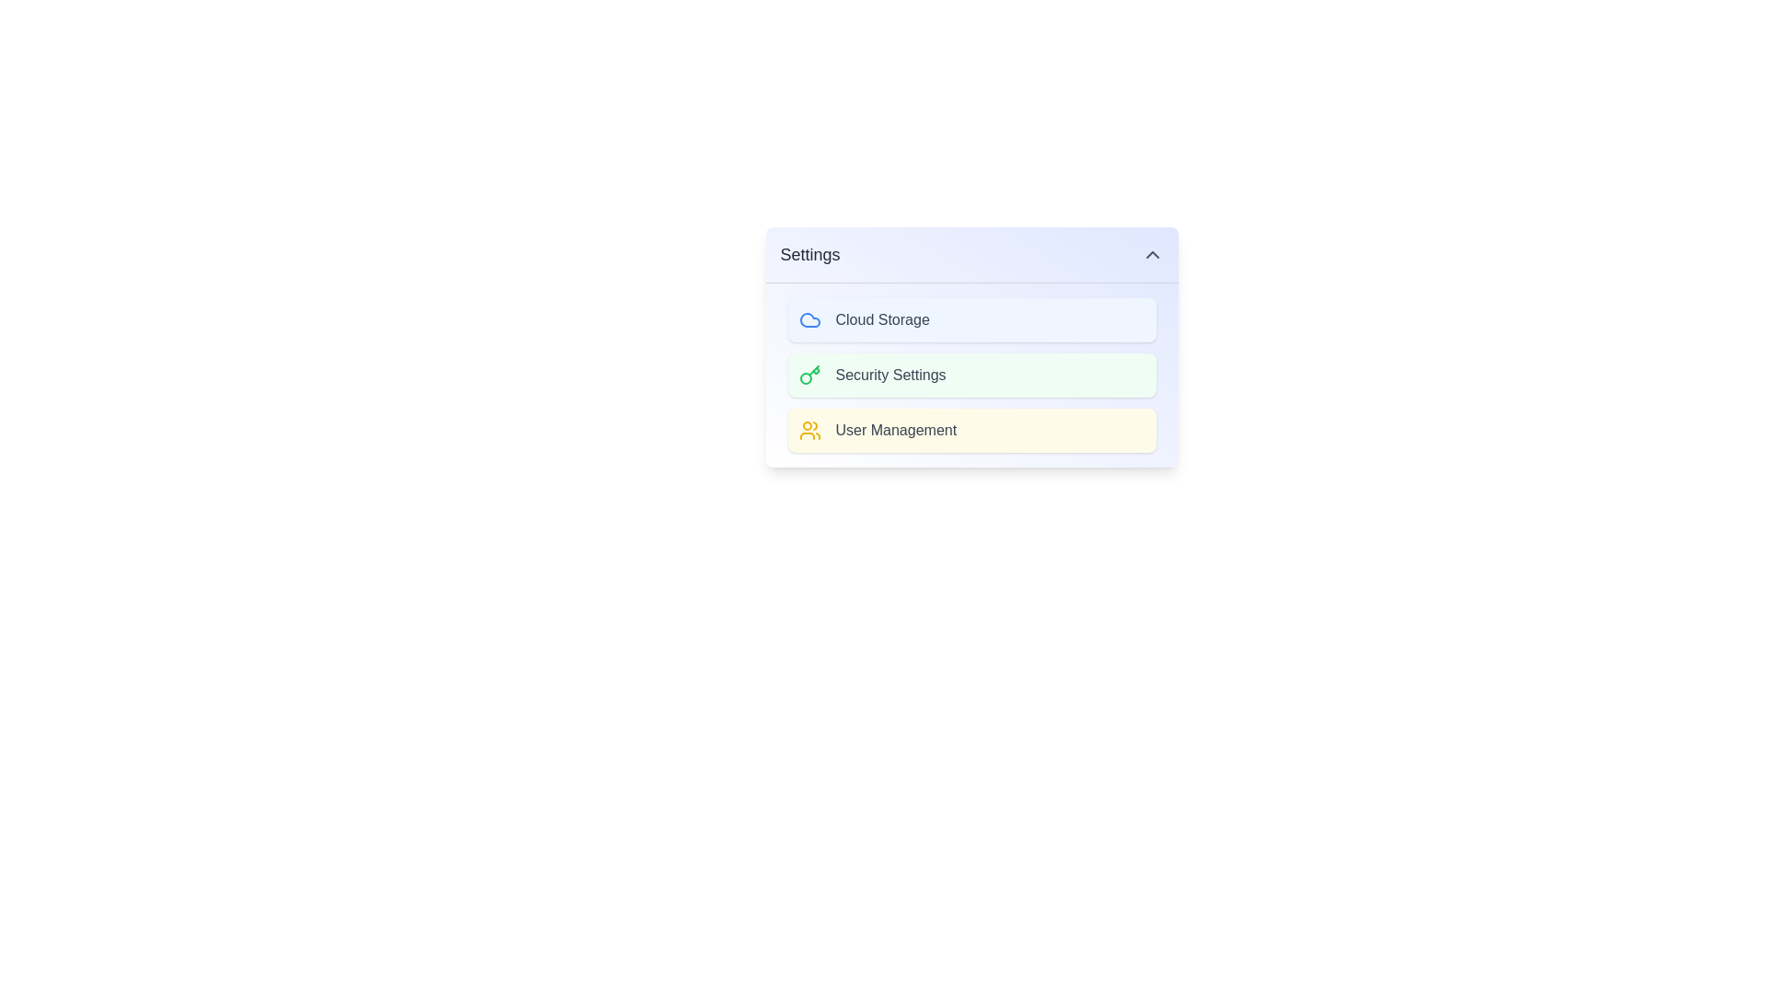 Image resolution: width=1768 pixels, height=994 pixels. I want to click on the icon element representing two overlapping human silhouettes, styled with rounded edges and yellow color, located in the left section of the third row under 'User Management', so click(809, 430).